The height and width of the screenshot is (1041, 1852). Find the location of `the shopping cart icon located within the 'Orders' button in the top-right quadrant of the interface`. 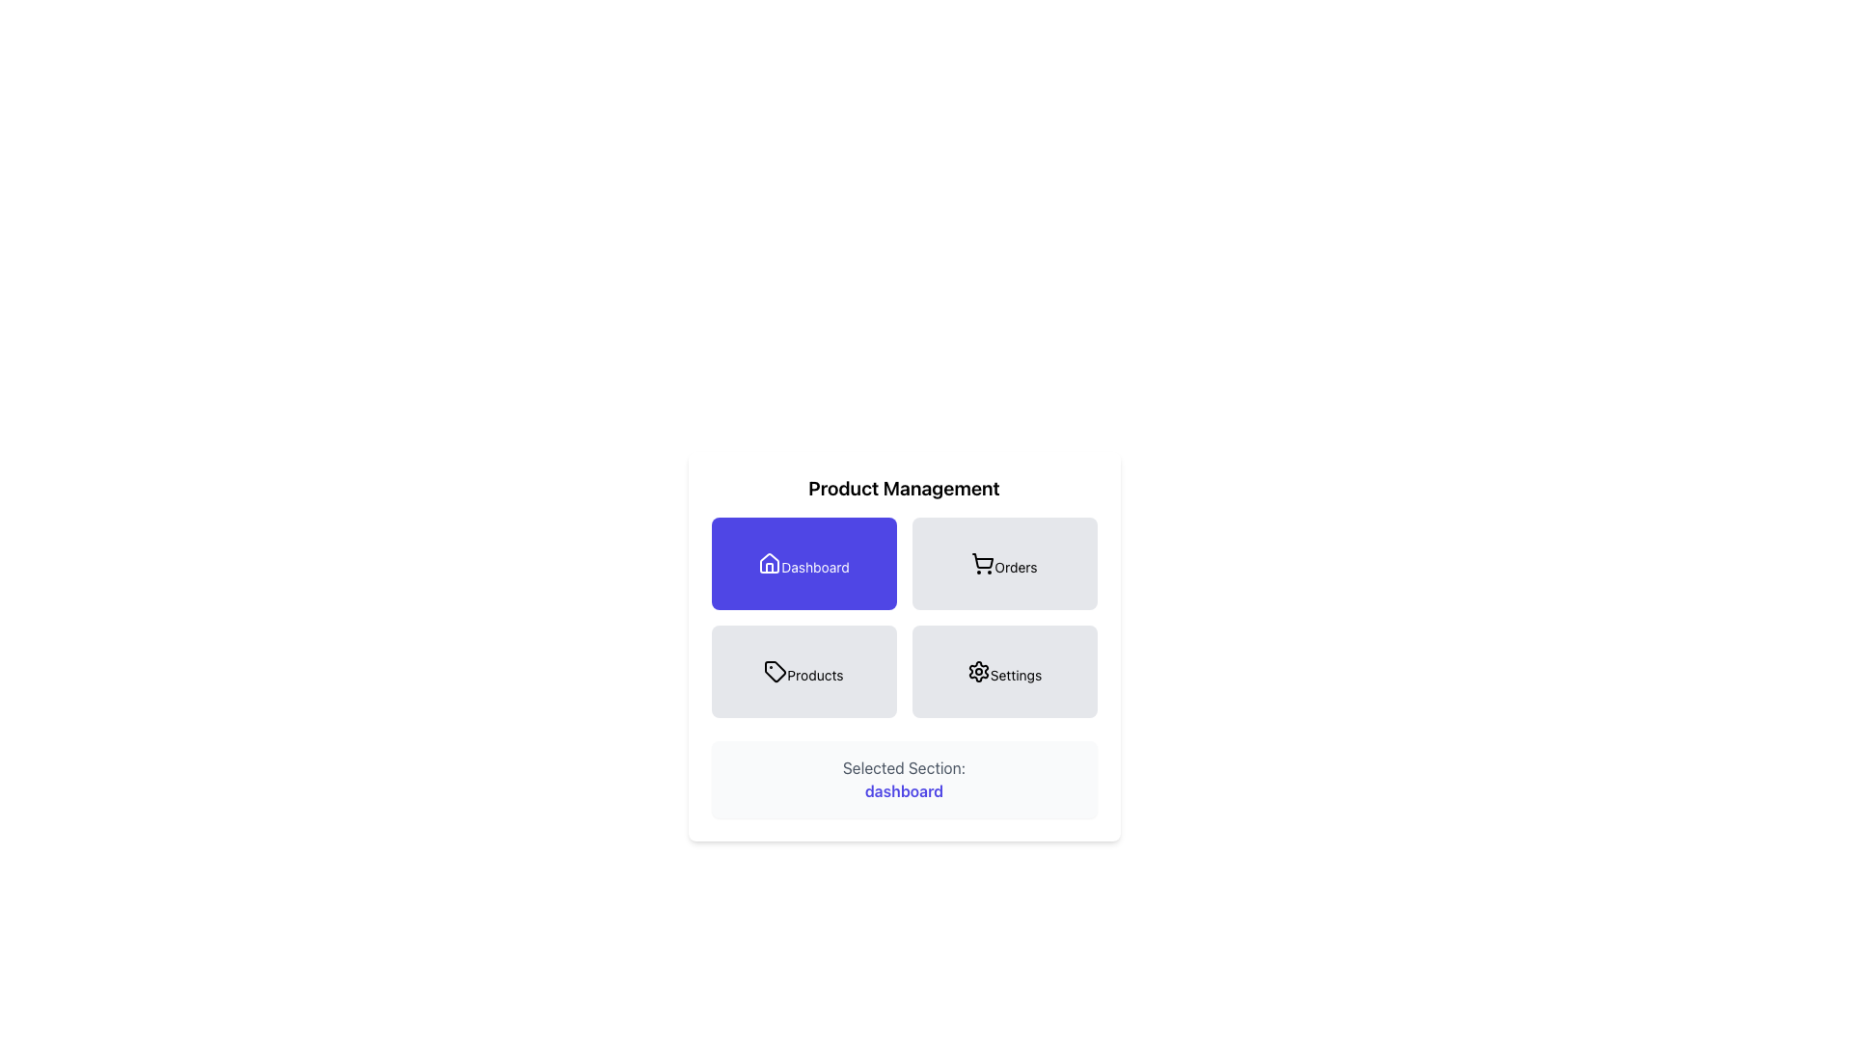

the shopping cart icon located within the 'Orders' button in the top-right quadrant of the interface is located at coordinates (983, 561).